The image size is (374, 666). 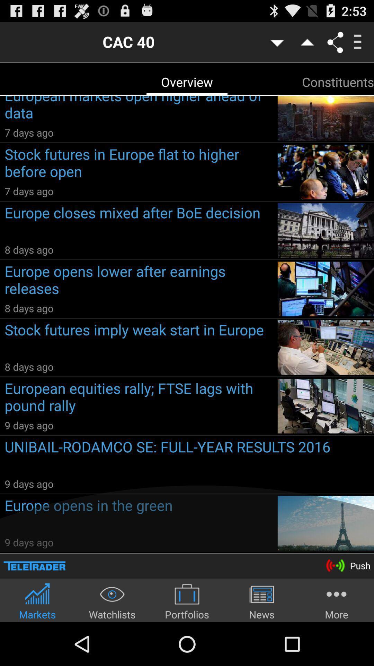 I want to click on the expand_less icon, so click(x=306, y=44).